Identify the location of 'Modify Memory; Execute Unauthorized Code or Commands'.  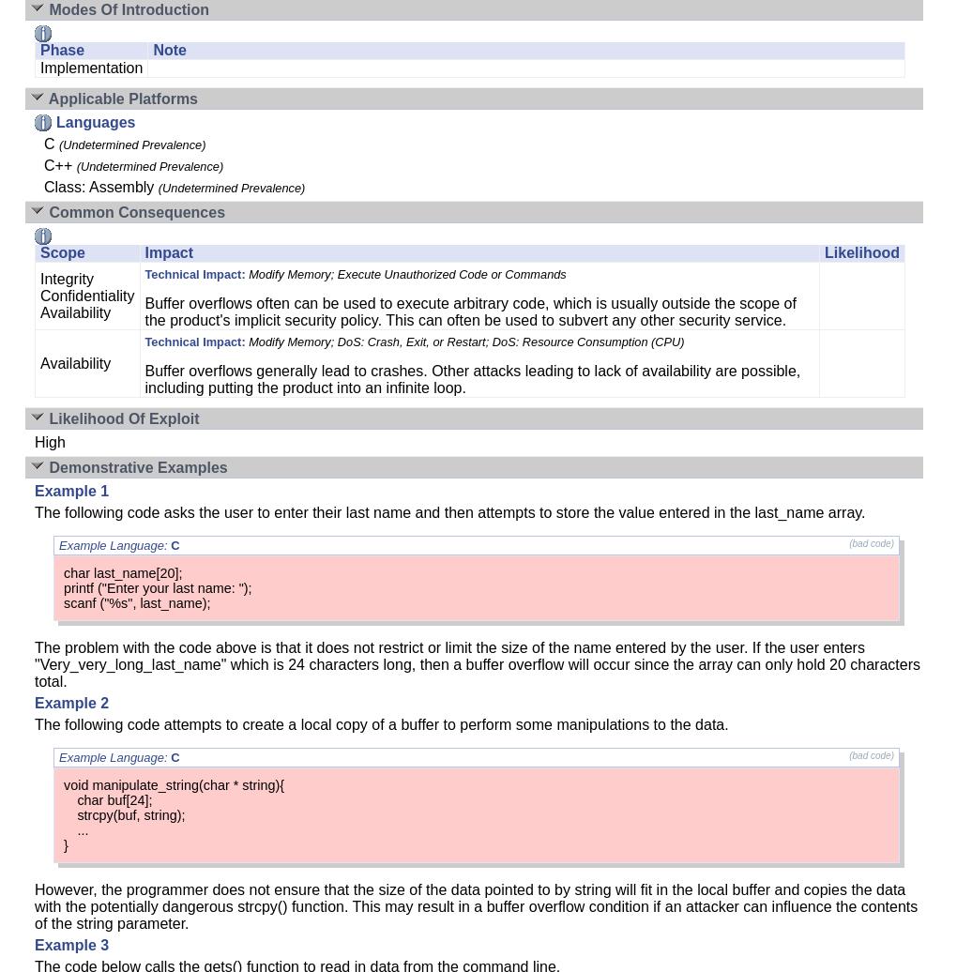
(403, 274).